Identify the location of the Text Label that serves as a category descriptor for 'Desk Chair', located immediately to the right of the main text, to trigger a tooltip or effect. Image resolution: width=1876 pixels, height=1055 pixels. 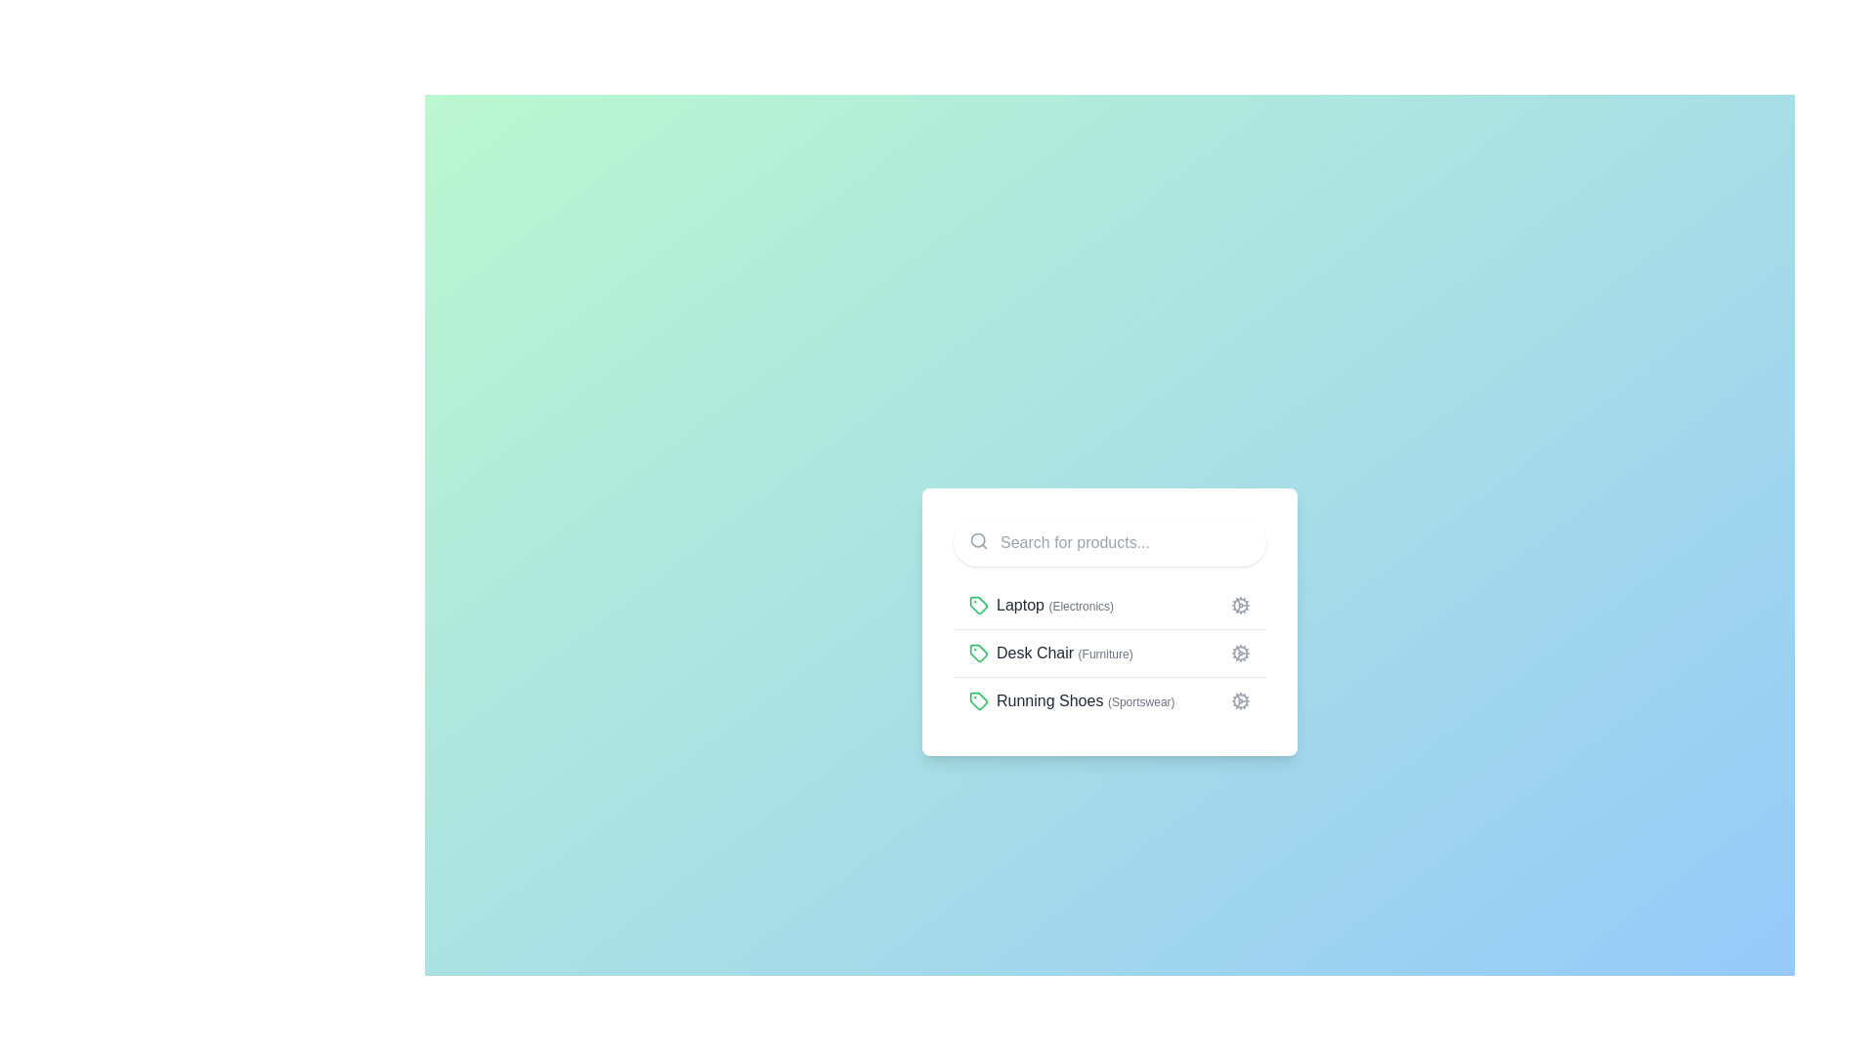
(1105, 654).